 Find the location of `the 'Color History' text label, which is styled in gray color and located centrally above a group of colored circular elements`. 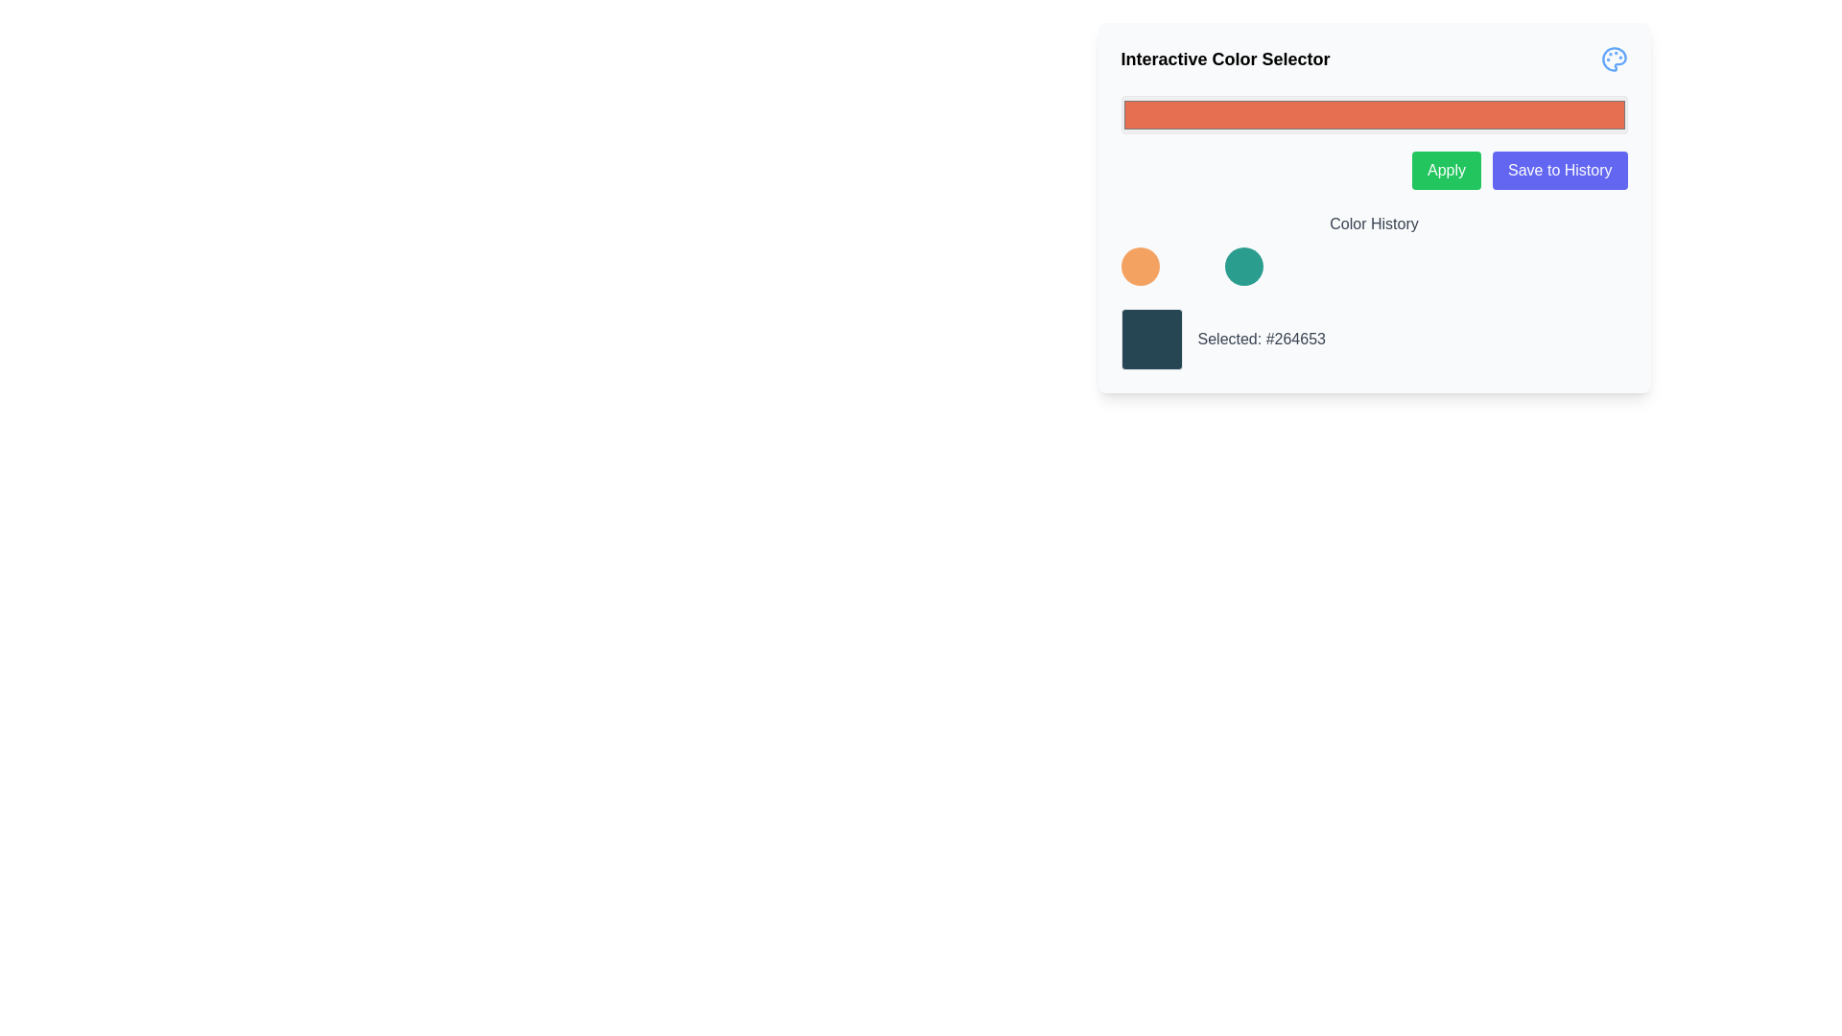

the 'Color History' text label, which is styled in gray color and located centrally above a group of colored circular elements is located at coordinates (1373, 224).